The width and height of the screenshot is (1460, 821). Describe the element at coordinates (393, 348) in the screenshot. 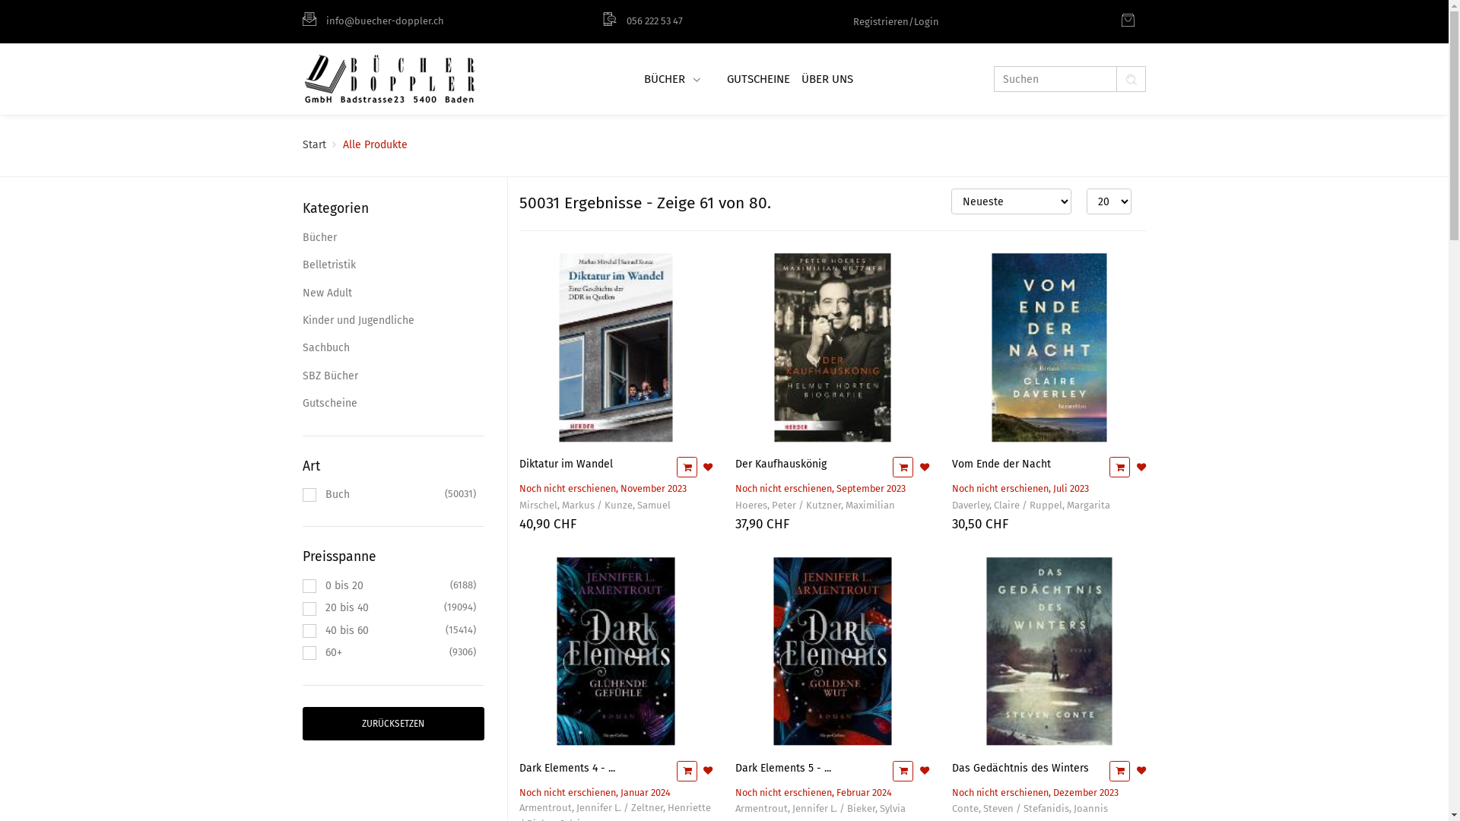

I see `'Sachbuch'` at that location.